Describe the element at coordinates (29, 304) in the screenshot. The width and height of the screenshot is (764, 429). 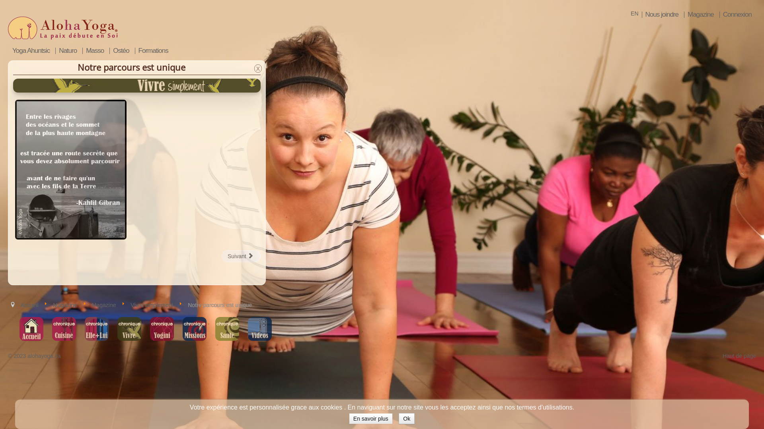
I see `'Accueil'` at that location.